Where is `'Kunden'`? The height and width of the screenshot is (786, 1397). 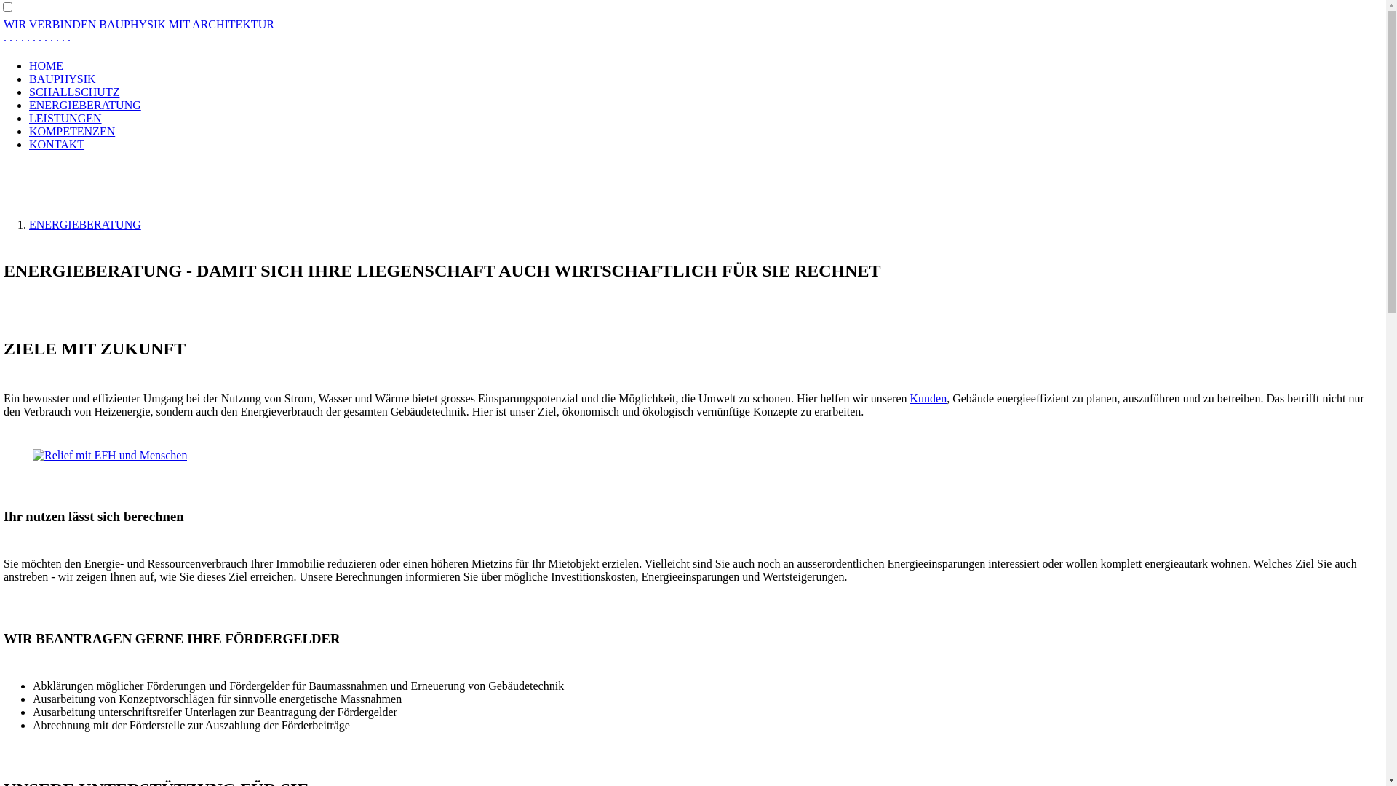 'Kunden' is located at coordinates (928, 398).